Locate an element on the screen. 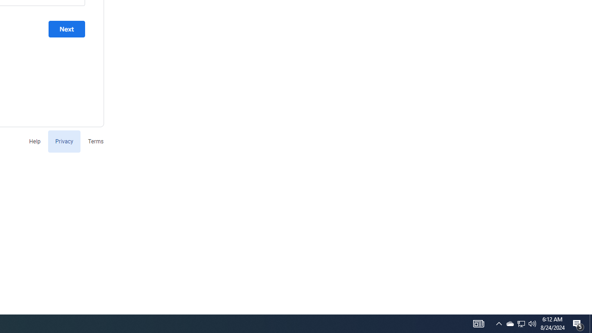  'Next' is located at coordinates (66, 29).